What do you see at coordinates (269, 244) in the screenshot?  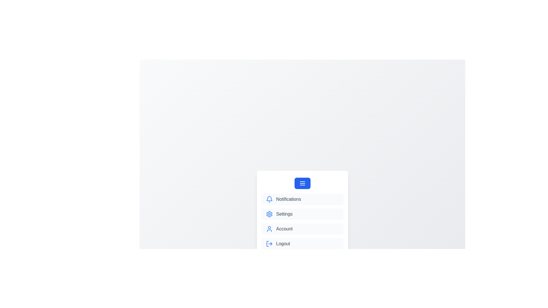 I see `the menu option corresponding to Logout by clicking on its icon` at bounding box center [269, 244].